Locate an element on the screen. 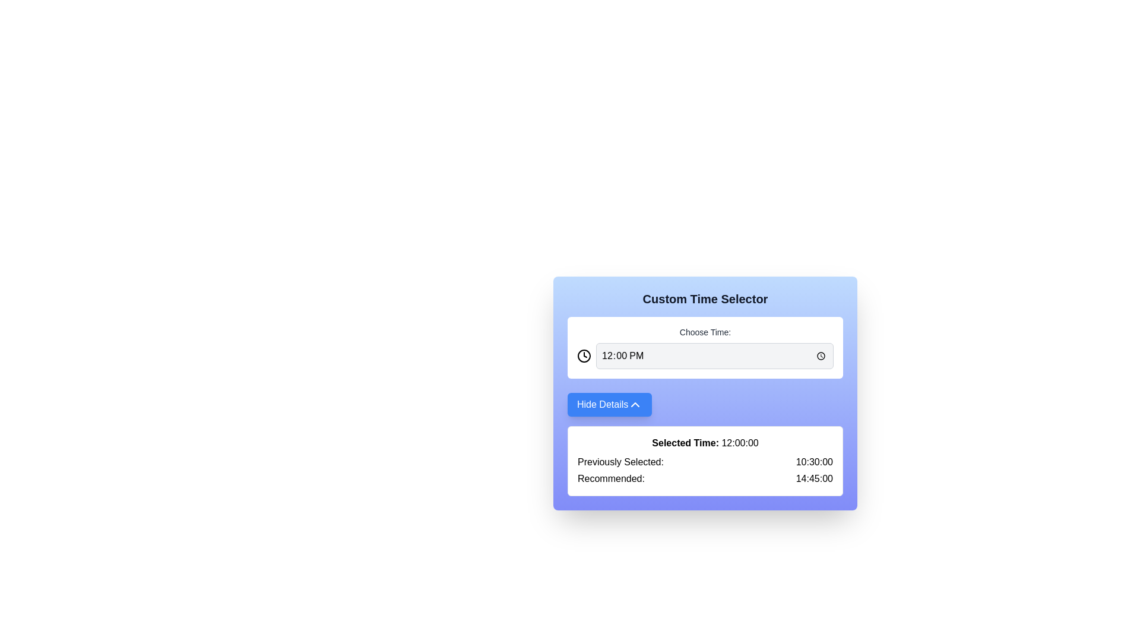 The image size is (1140, 641). the Chevron Icon located on the right side of the 'Hide Details' button is located at coordinates (635, 404).